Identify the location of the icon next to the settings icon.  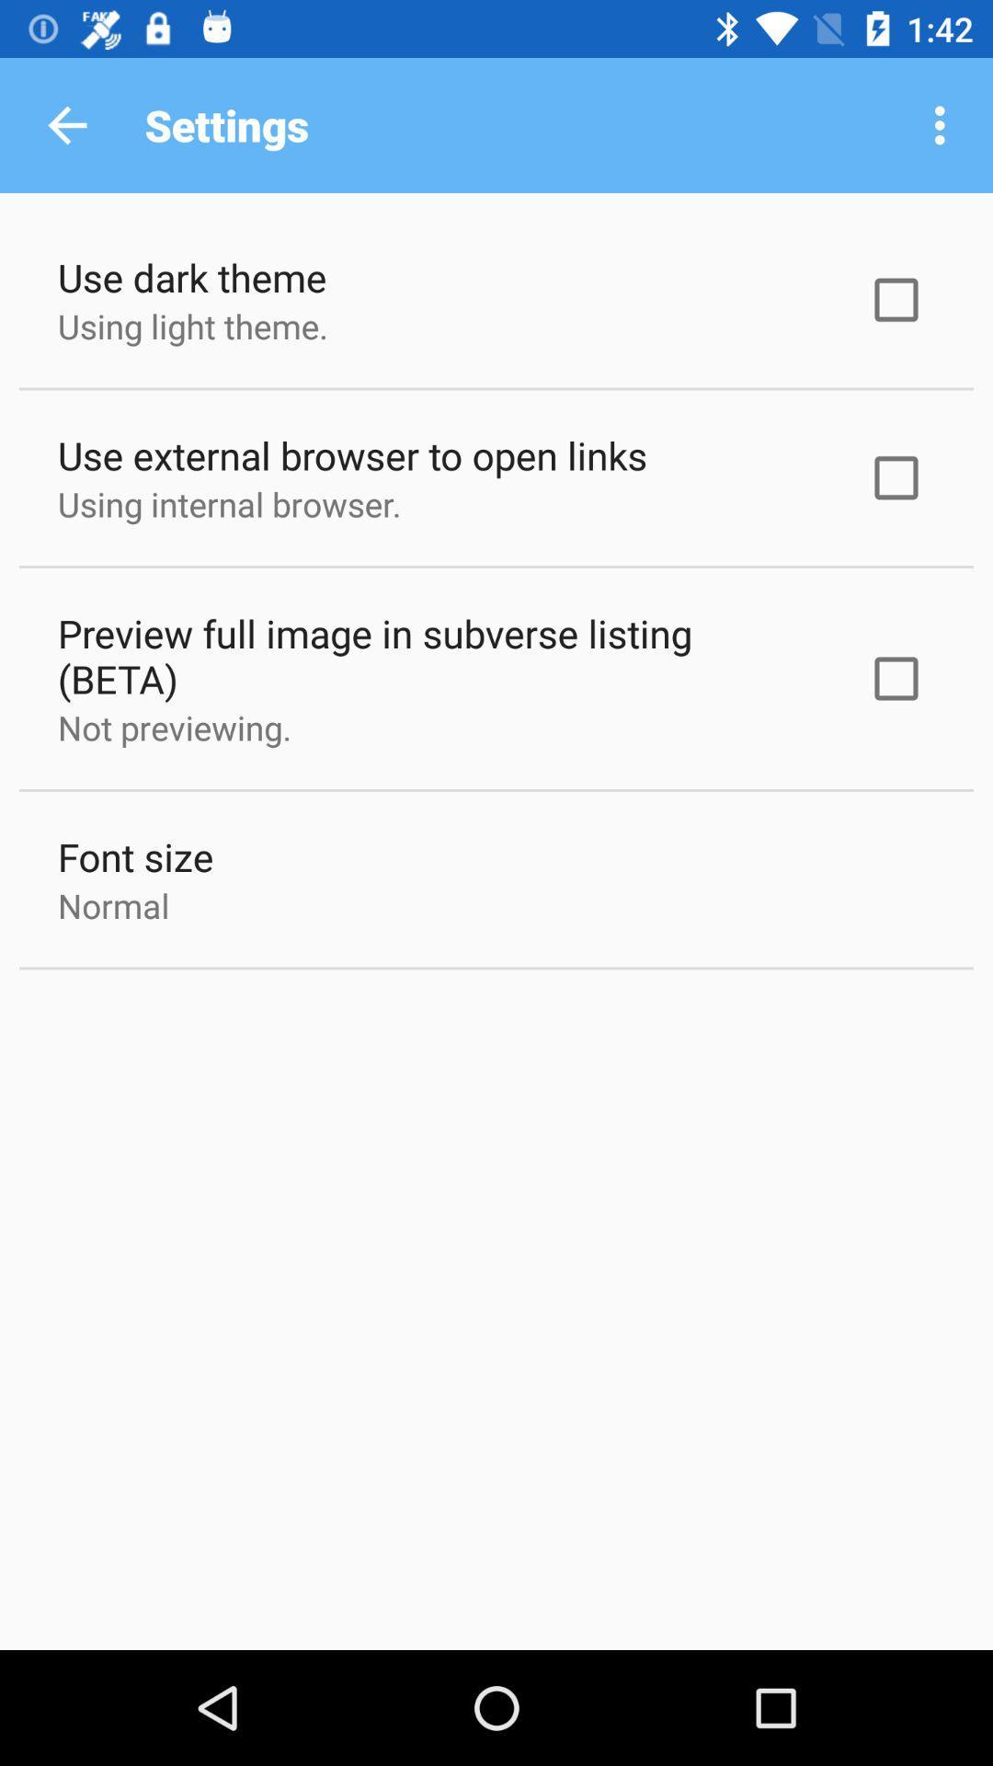
(66, 124).